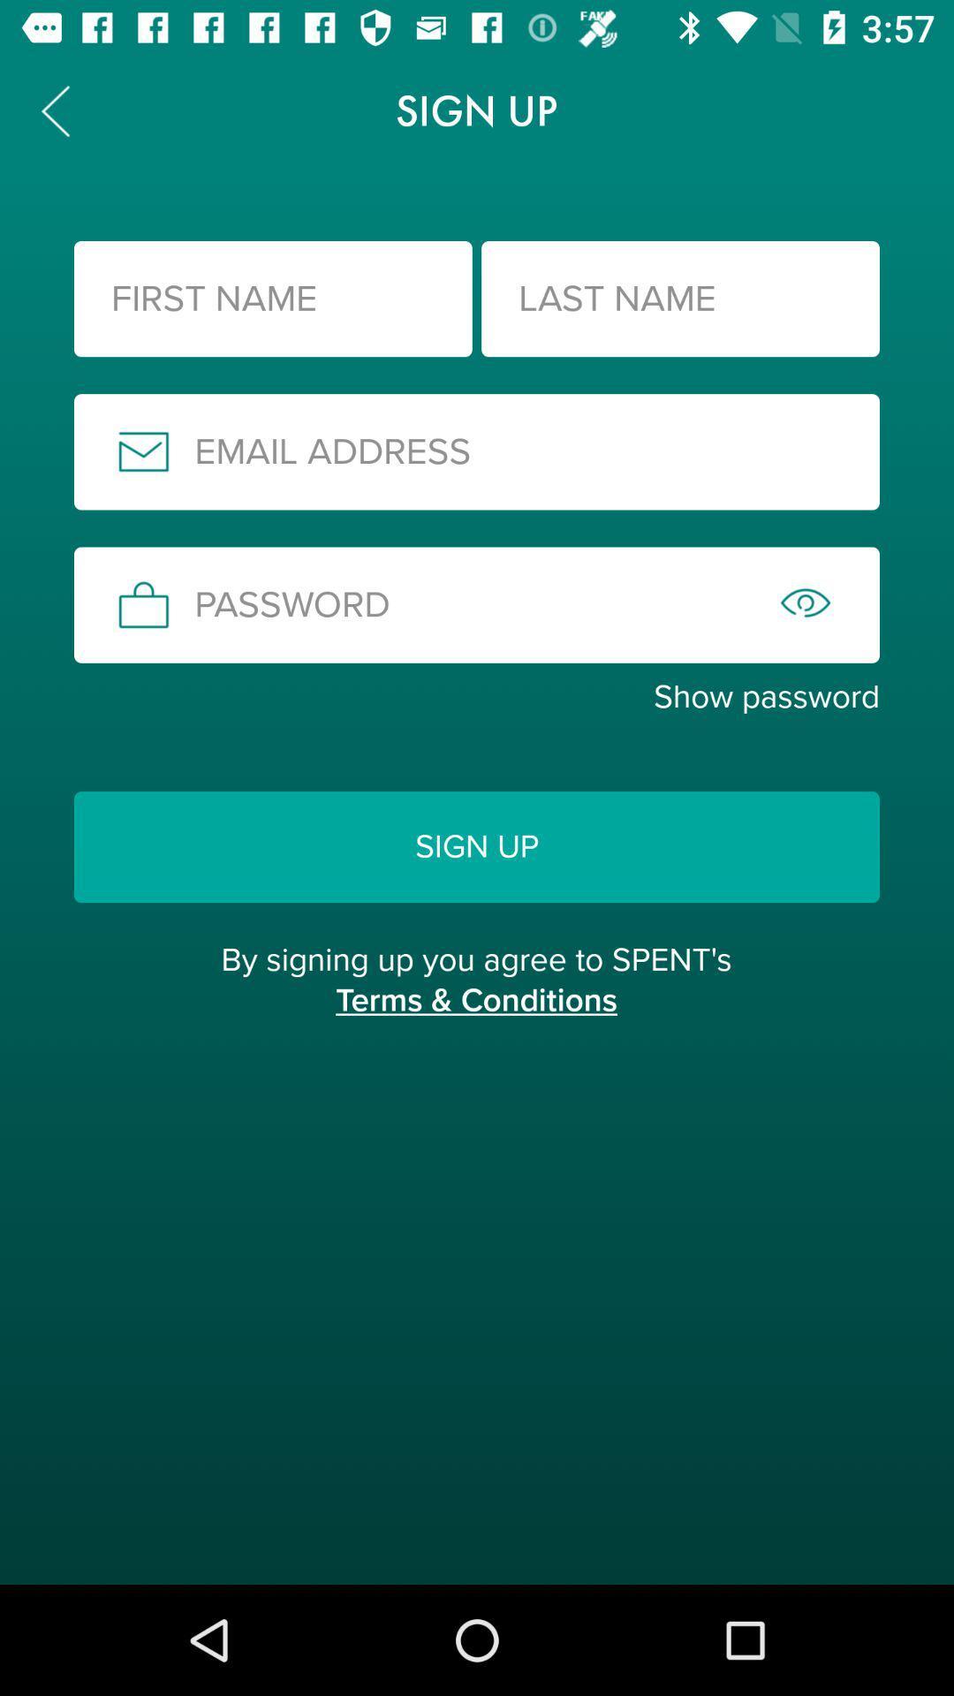  What do you see at coordinates (54, 110) in the screenshot?
I see `icon to the left of the sign up item` at bounding box center [54, 110].